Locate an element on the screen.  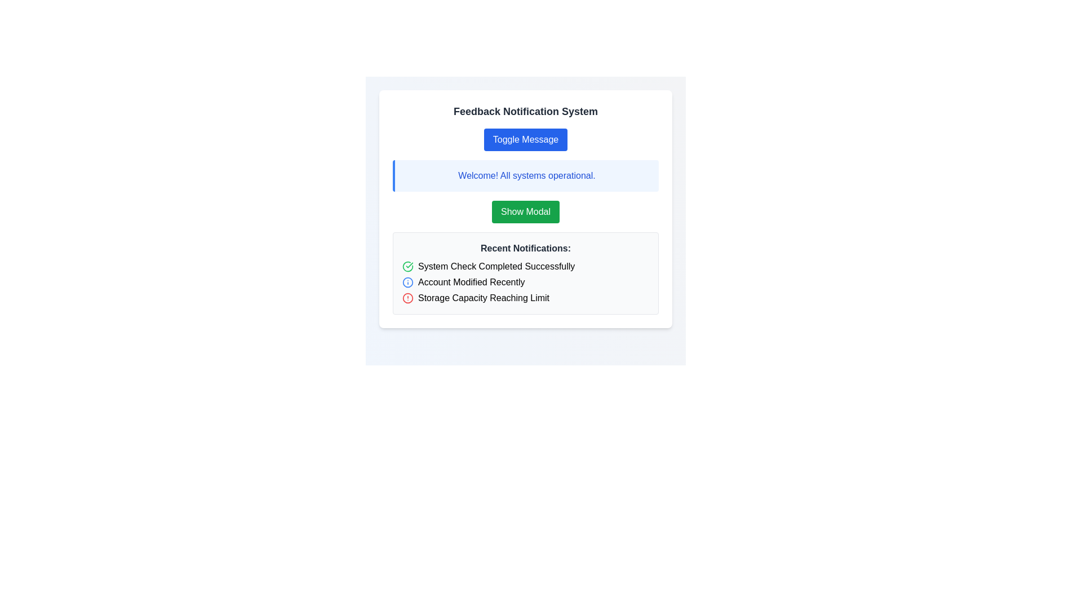
the third notification text label that alerts the user about storage capacity nearing its limit is located at coordinates (484, 297).